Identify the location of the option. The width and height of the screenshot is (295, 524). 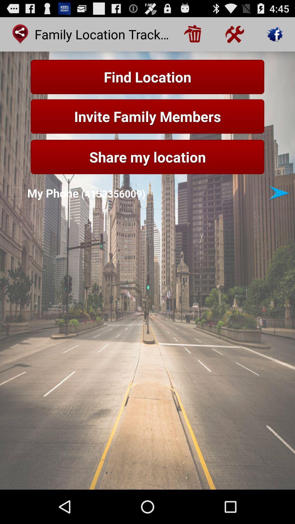
(279, 193).